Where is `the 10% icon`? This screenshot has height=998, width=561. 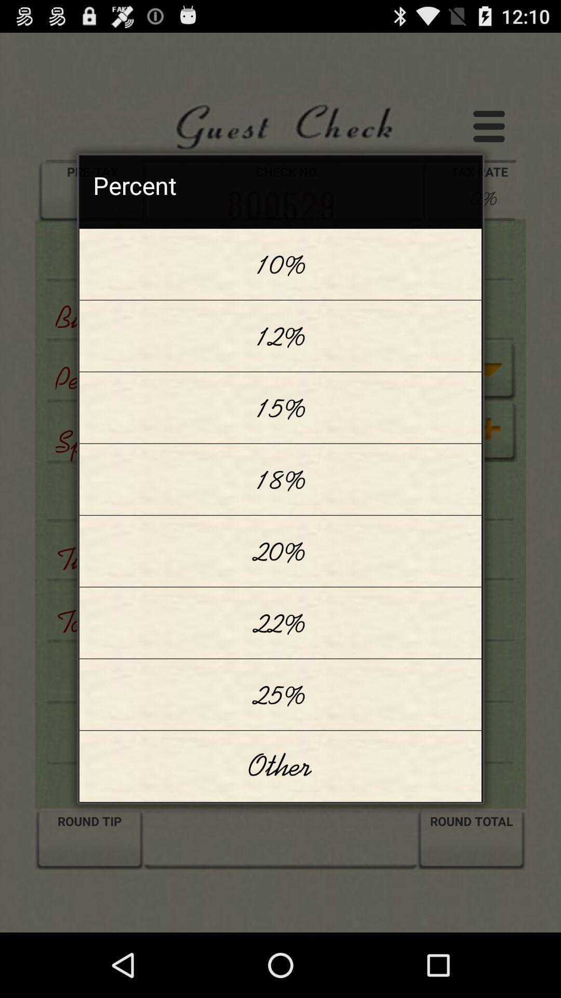 the 10% icon is located at coordinates (280, 264).